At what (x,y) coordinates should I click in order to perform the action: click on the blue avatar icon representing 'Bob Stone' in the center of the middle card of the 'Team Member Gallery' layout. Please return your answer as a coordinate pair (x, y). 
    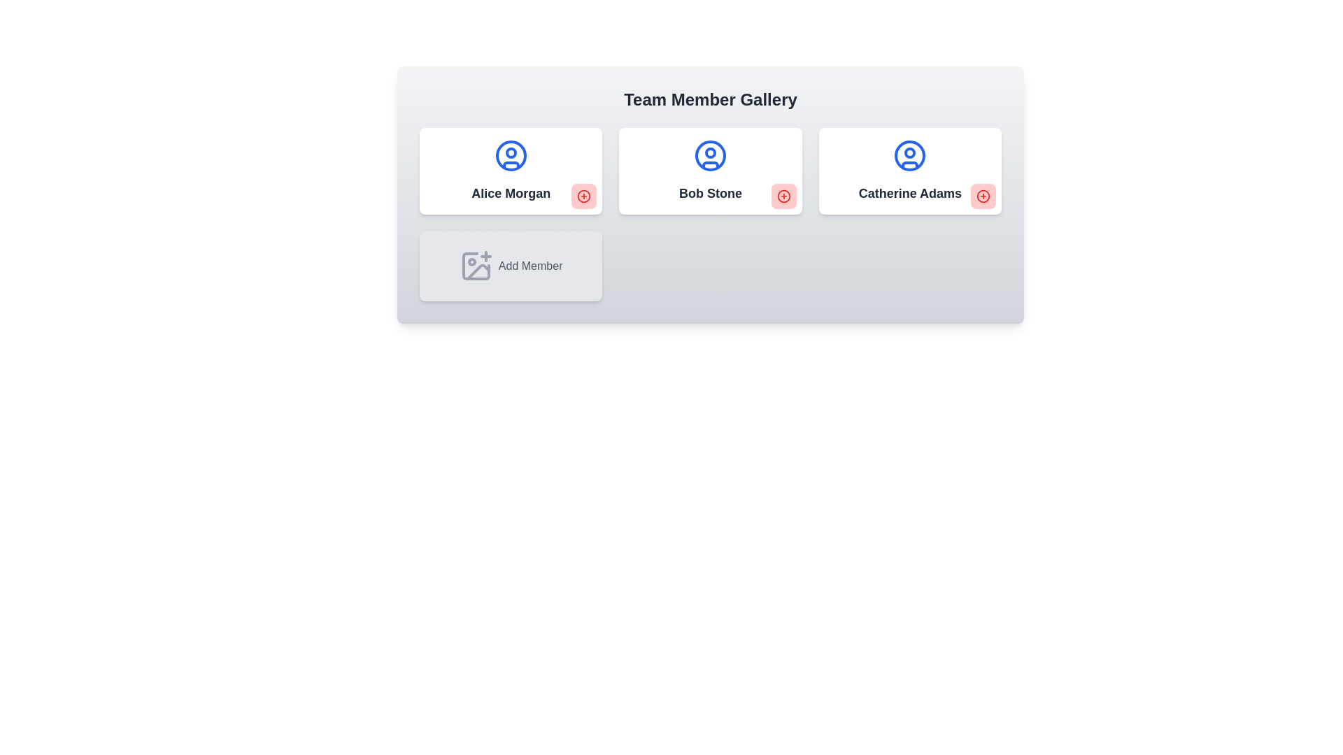
    Looking at the image, I should click on (711, 156).